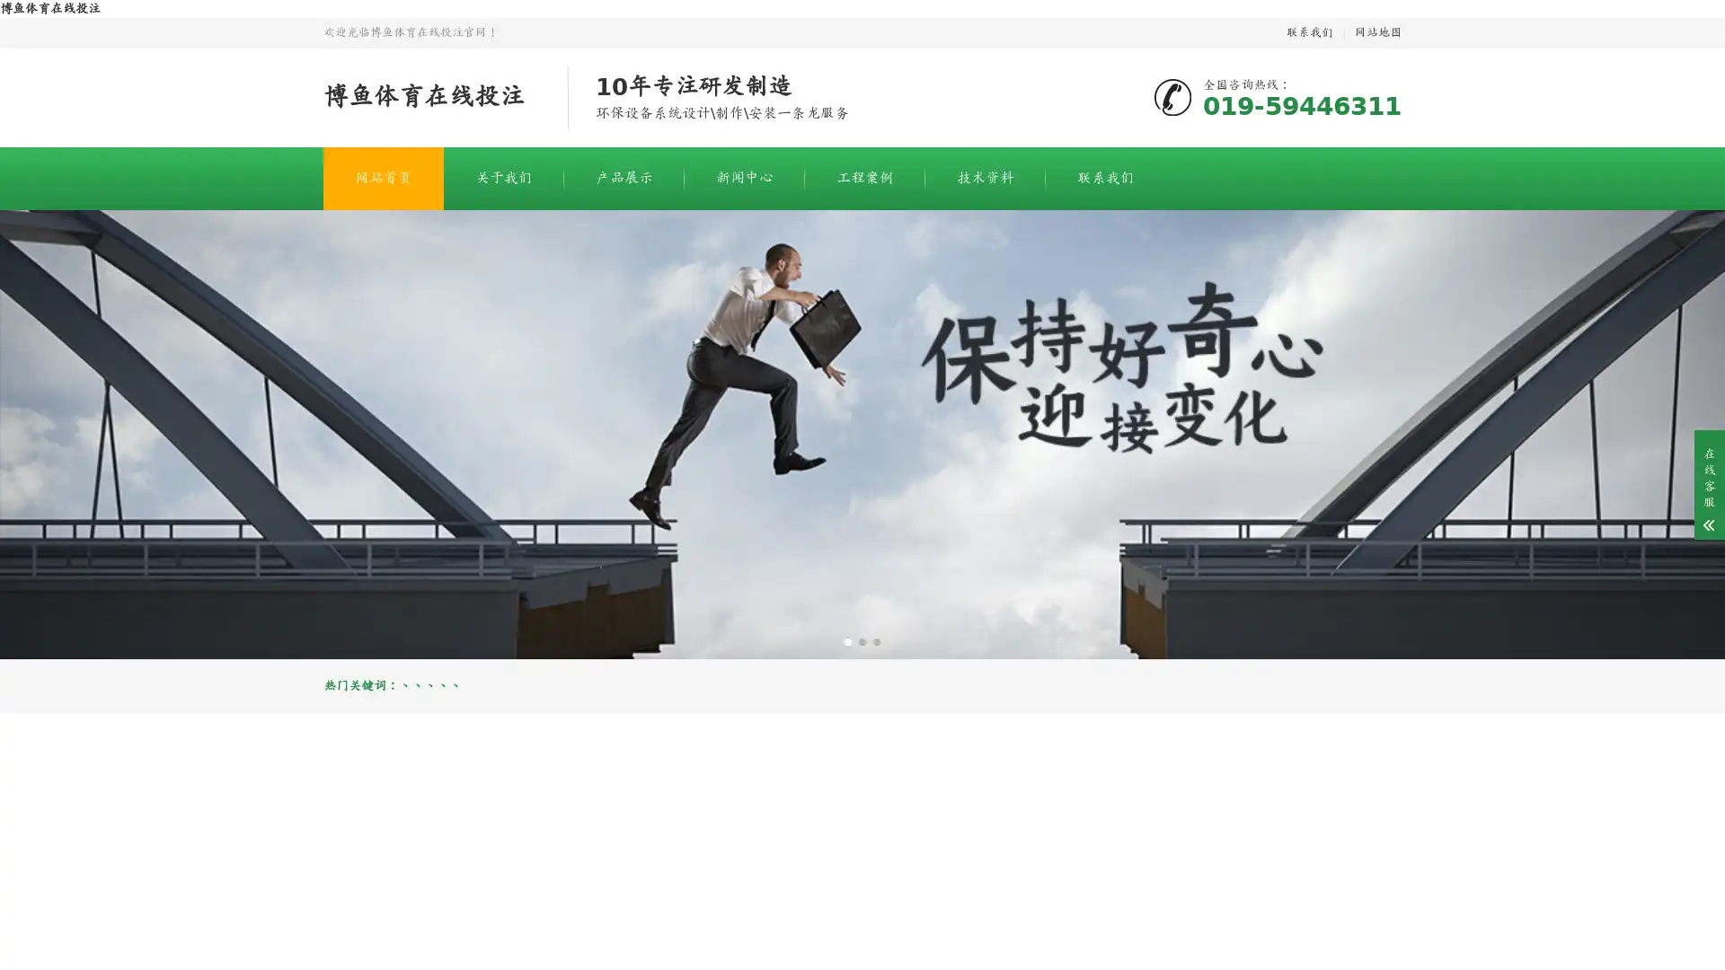 Image resolution: width=1725 pixels, height=970 pixels. Describe the element at coordinates (862, 640) in the screenshot. I see `Go to slide 2` at that location.